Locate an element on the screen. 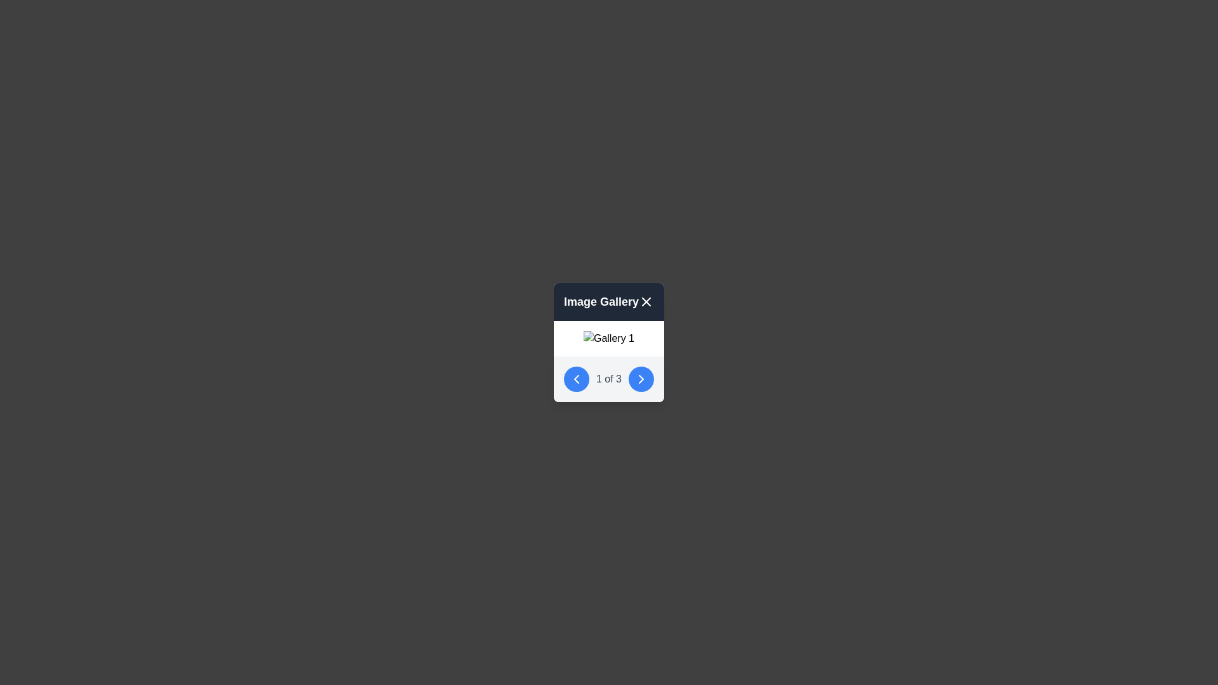 This screenshot has width=1218, height=685. the circular 'X' button located in the top-right corner of the 'Image Gallery' header is located at coordinates (646, 301).